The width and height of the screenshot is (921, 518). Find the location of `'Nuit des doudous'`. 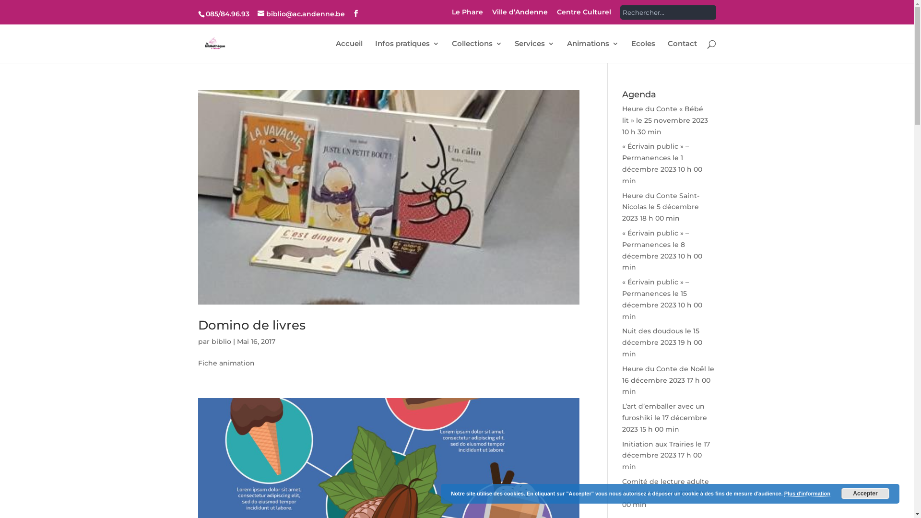

'Nuit des doudous' is located at coordinates (652, 330).